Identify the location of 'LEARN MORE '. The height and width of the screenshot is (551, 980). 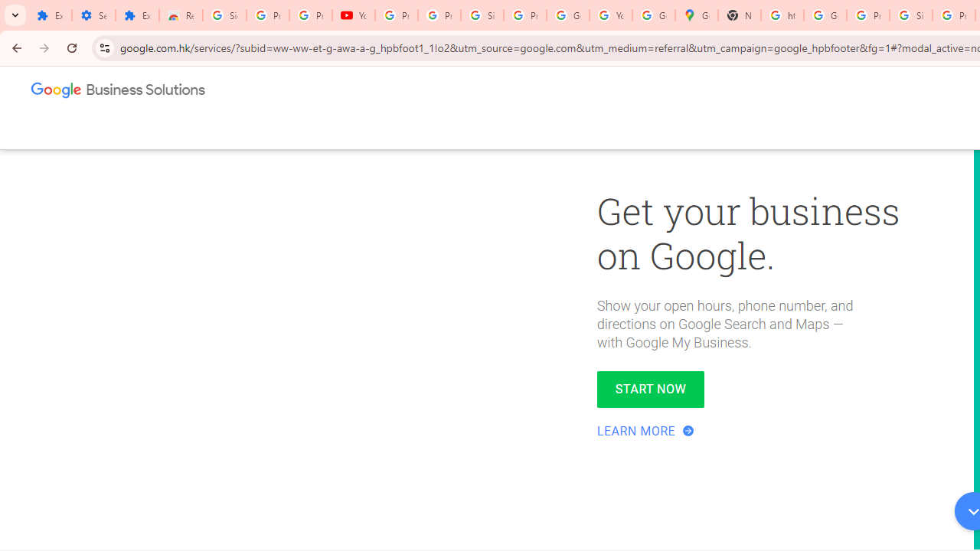
(647, 431).